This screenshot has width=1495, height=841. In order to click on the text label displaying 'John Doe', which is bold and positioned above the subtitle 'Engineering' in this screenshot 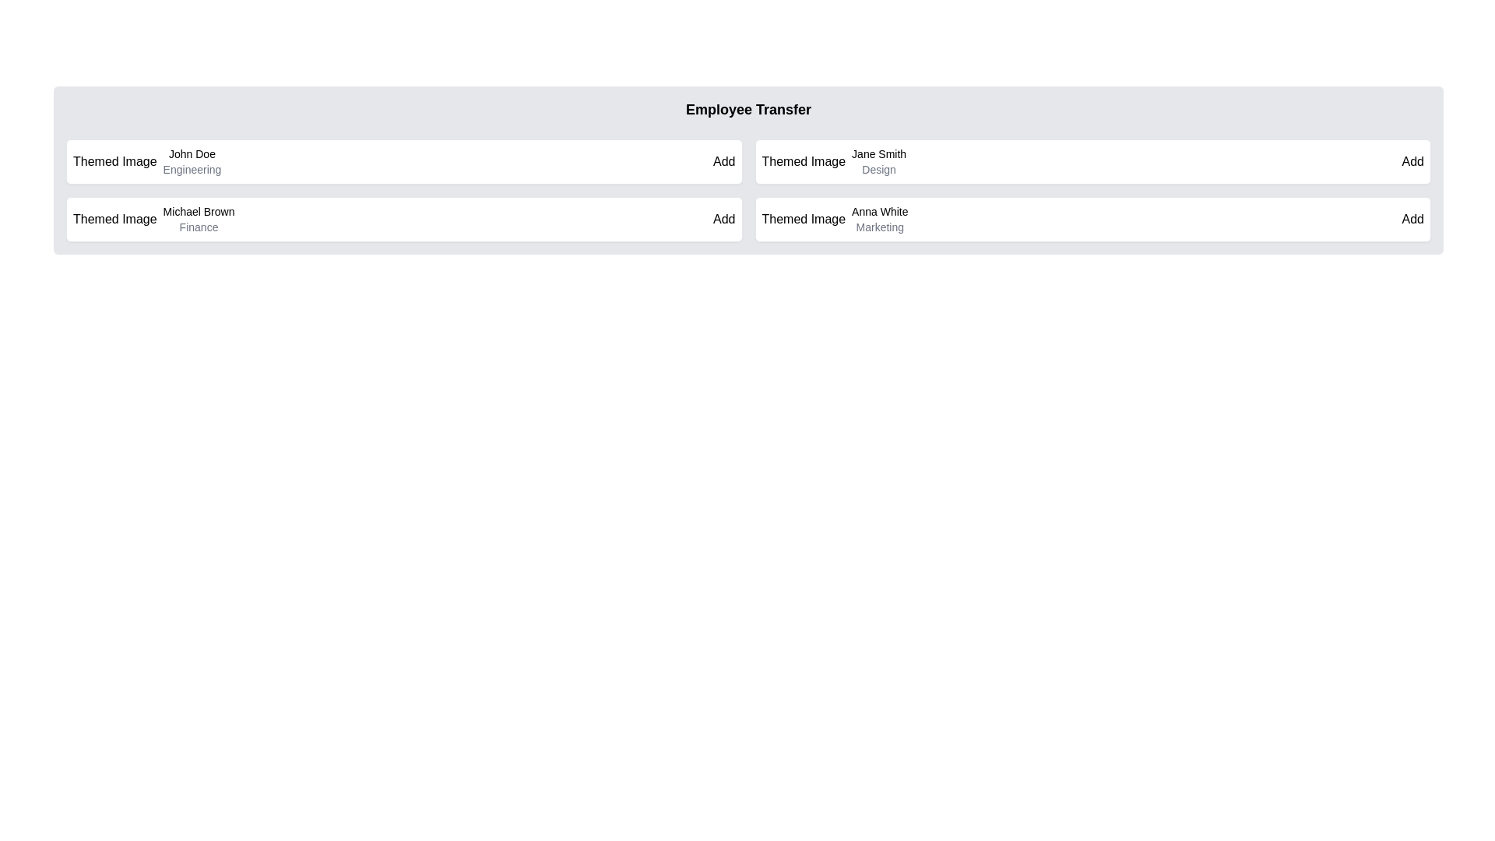, I will do `click(191, 153)`.